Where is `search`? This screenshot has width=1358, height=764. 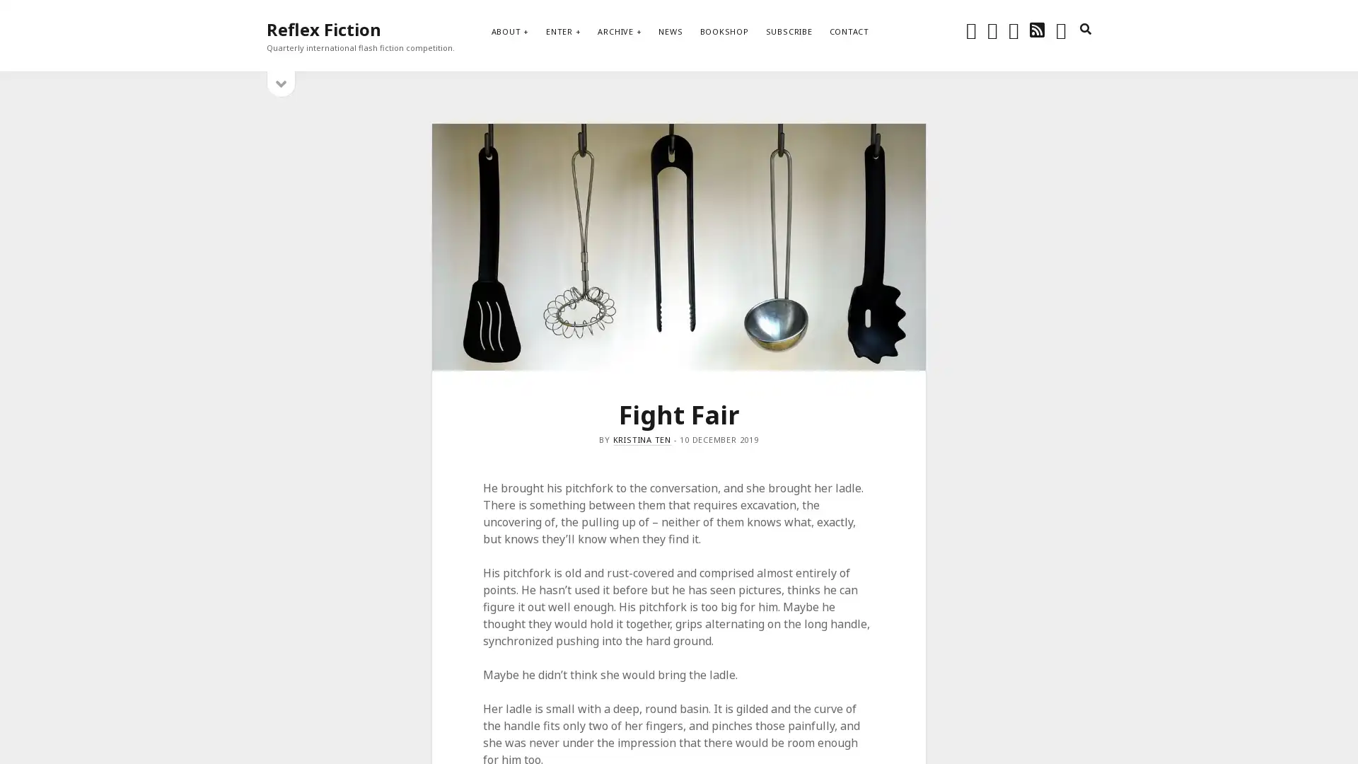
search is located at coordinates (1085, 30).